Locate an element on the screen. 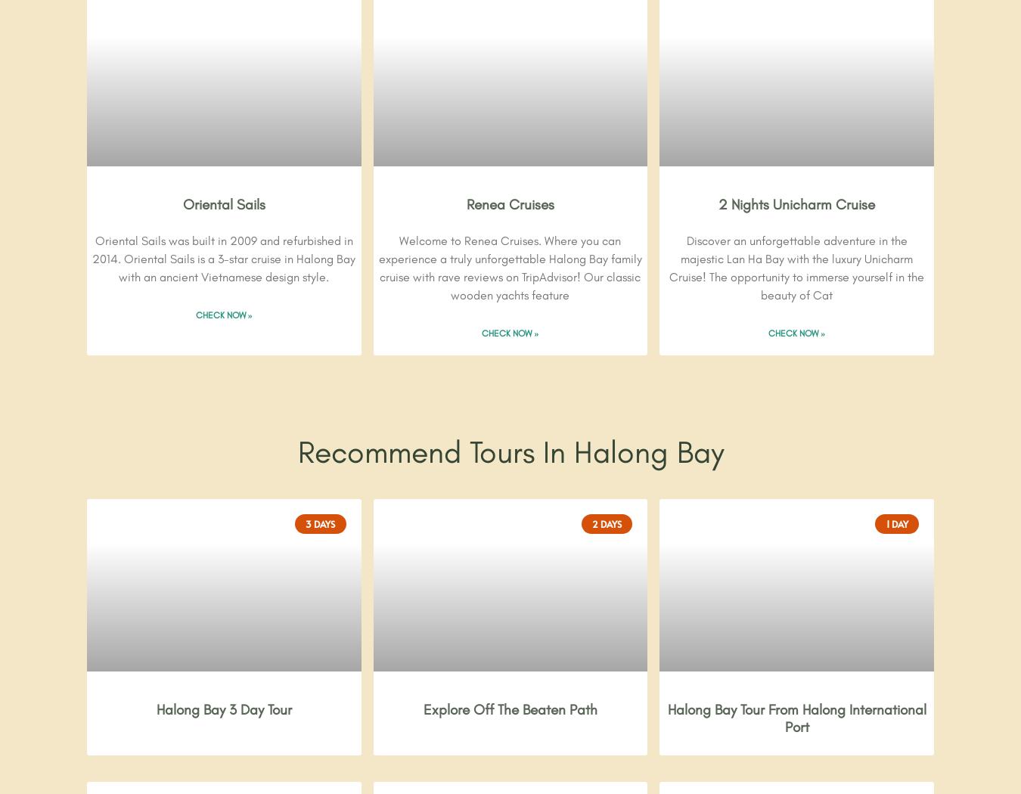  'Welcome to Renea Cruises. Where you can experience a truly unforgettable Halong Bay family cruise with rave reviews on TripAdvisor! Our classic wooden yachts feature' is located at coordinates (510, 268).